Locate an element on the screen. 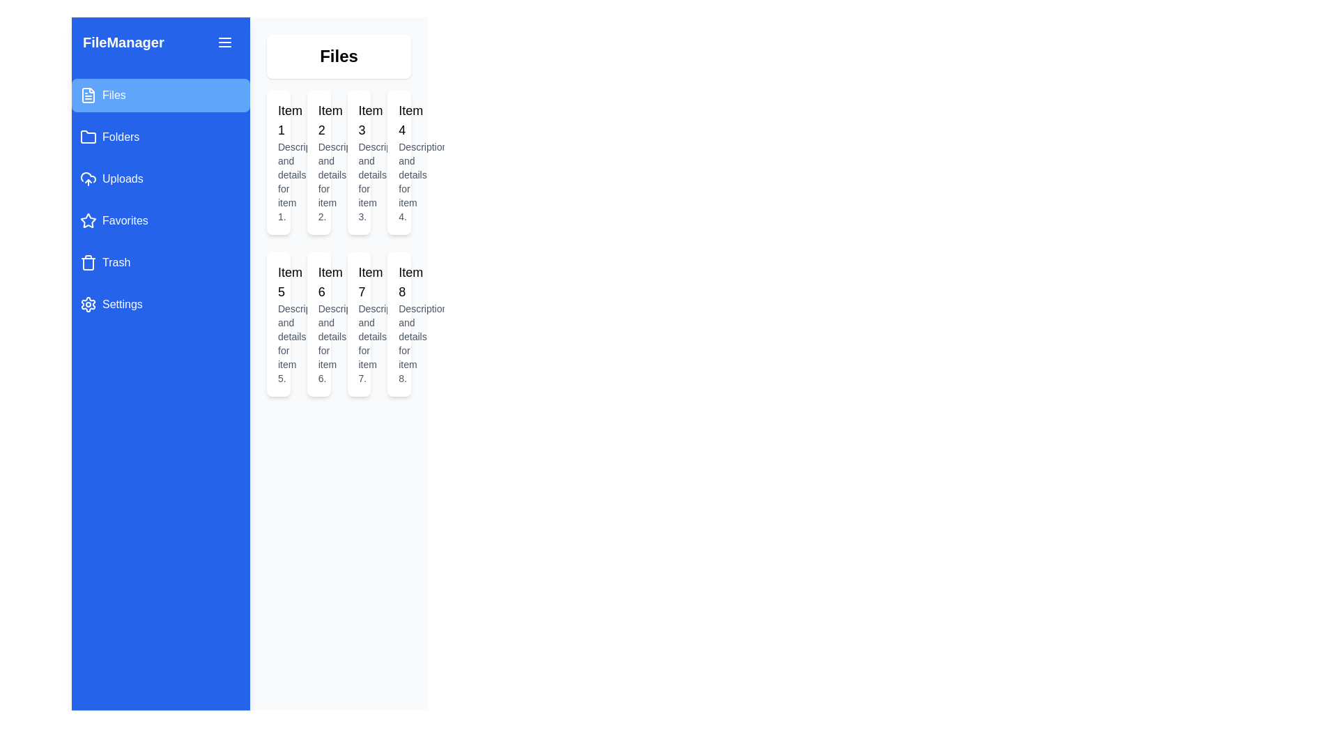 This screenshot has width=1338, height=753. the text label reading 'Description and details for item 8.' which is located beneath the header 'Item 8' in the second row, fourth column of the grid layout is located at coordinates (399, 344).